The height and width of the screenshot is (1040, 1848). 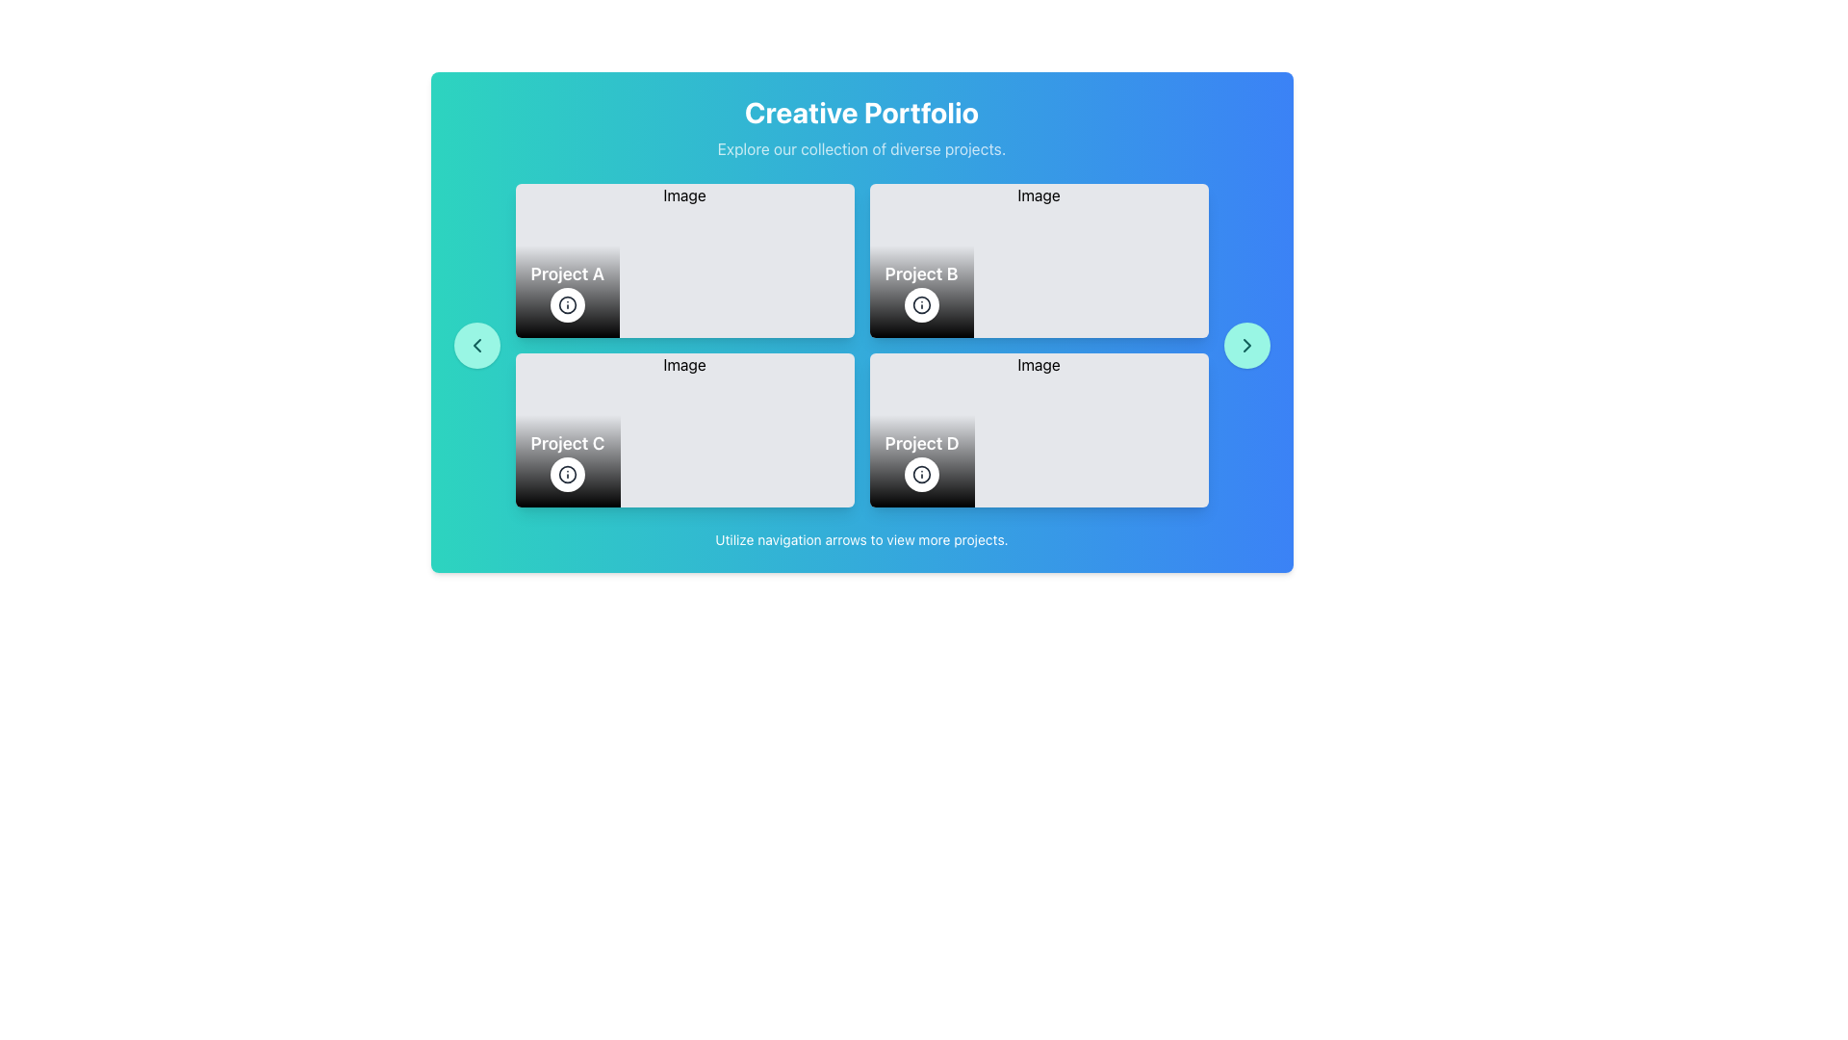 What do you see at coordinates (920, 292) in the screenshot?
I see `the section with a gradient background and the text 'Project B'` at bounding box center [920, 292].